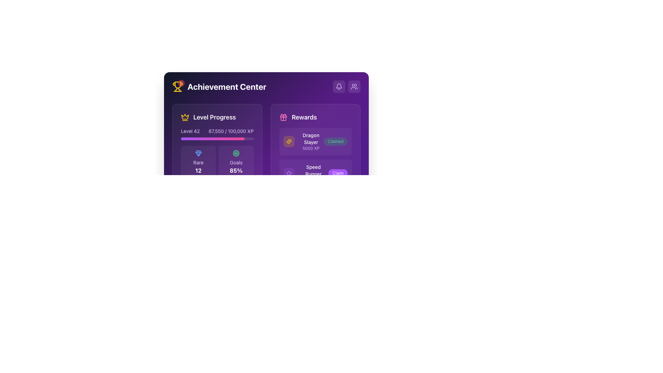 The height and width of the screenshot is (373, 663). I want to click on the text label that serves as a title for the 'Dragon Slayer' reward, positioned above the XP value text in the Rewards section, so click(313, 170).